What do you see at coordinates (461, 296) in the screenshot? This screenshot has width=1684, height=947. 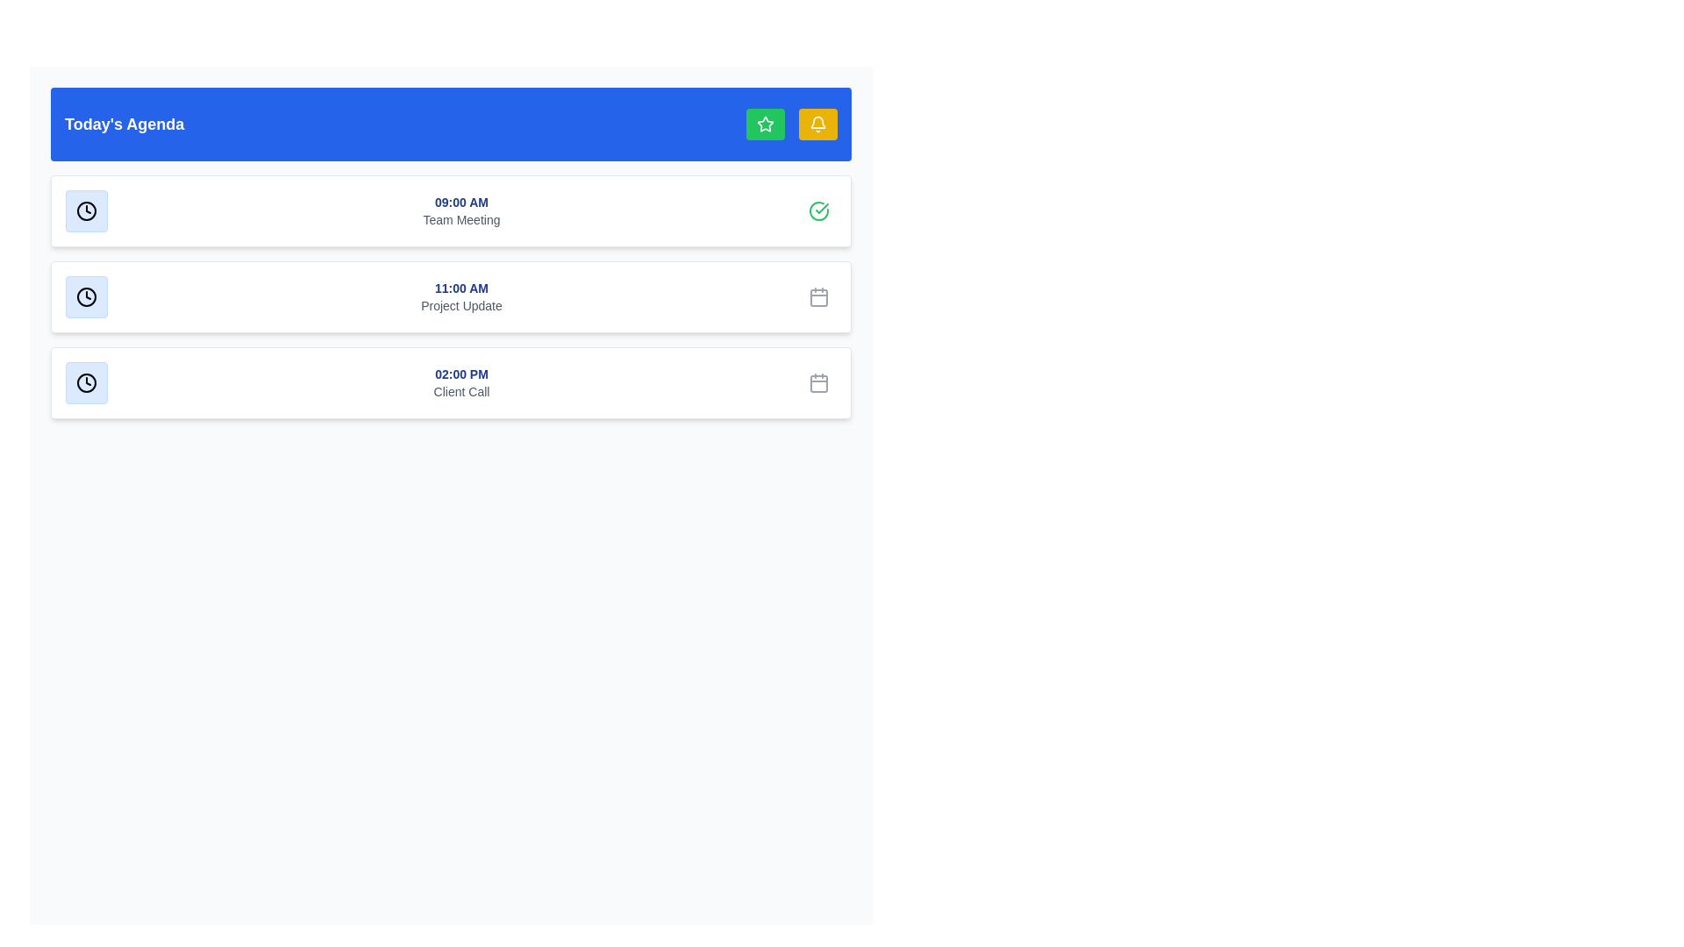 I see `displayed text of the Text Display element that shows the scheduled time and title of an event, positioned below the '09:00 AM Team Meeting' entry` at bounding box center [461, 296].